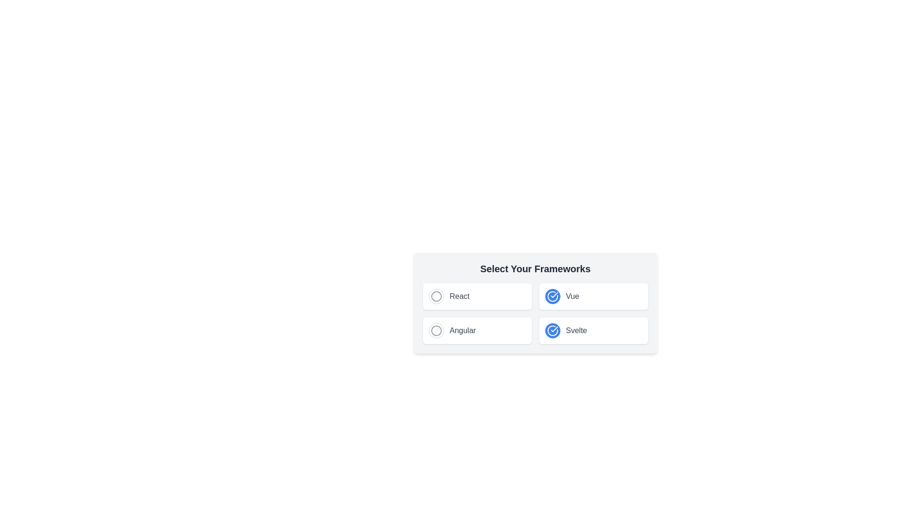 The width and height of the screenshot is (915, 514). I want to click on visual details of the circular vector graphic element within the 'React' button in the framework selection interface, so click(436, 296).